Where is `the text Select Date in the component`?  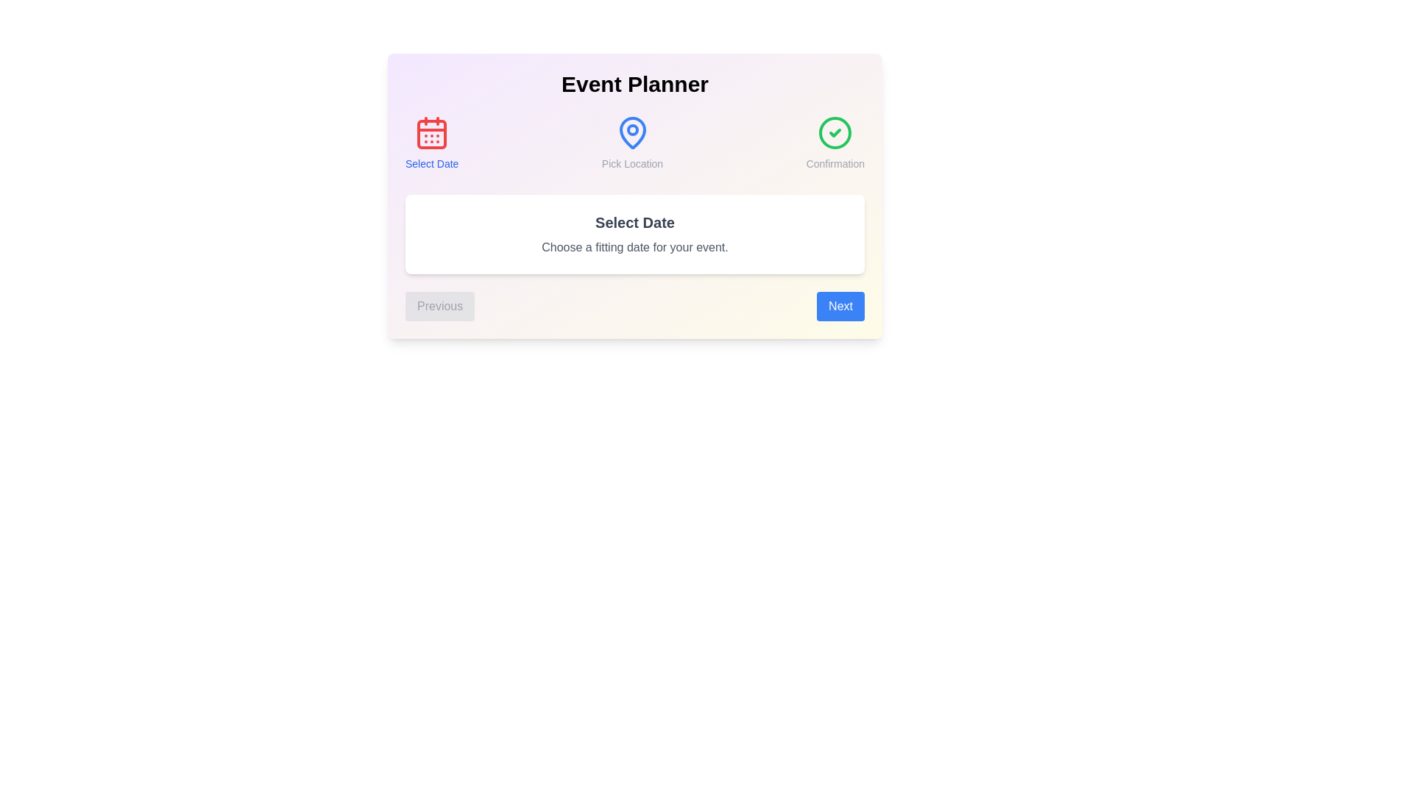
the text Select Date in the component is located at coordinates (431, 143).